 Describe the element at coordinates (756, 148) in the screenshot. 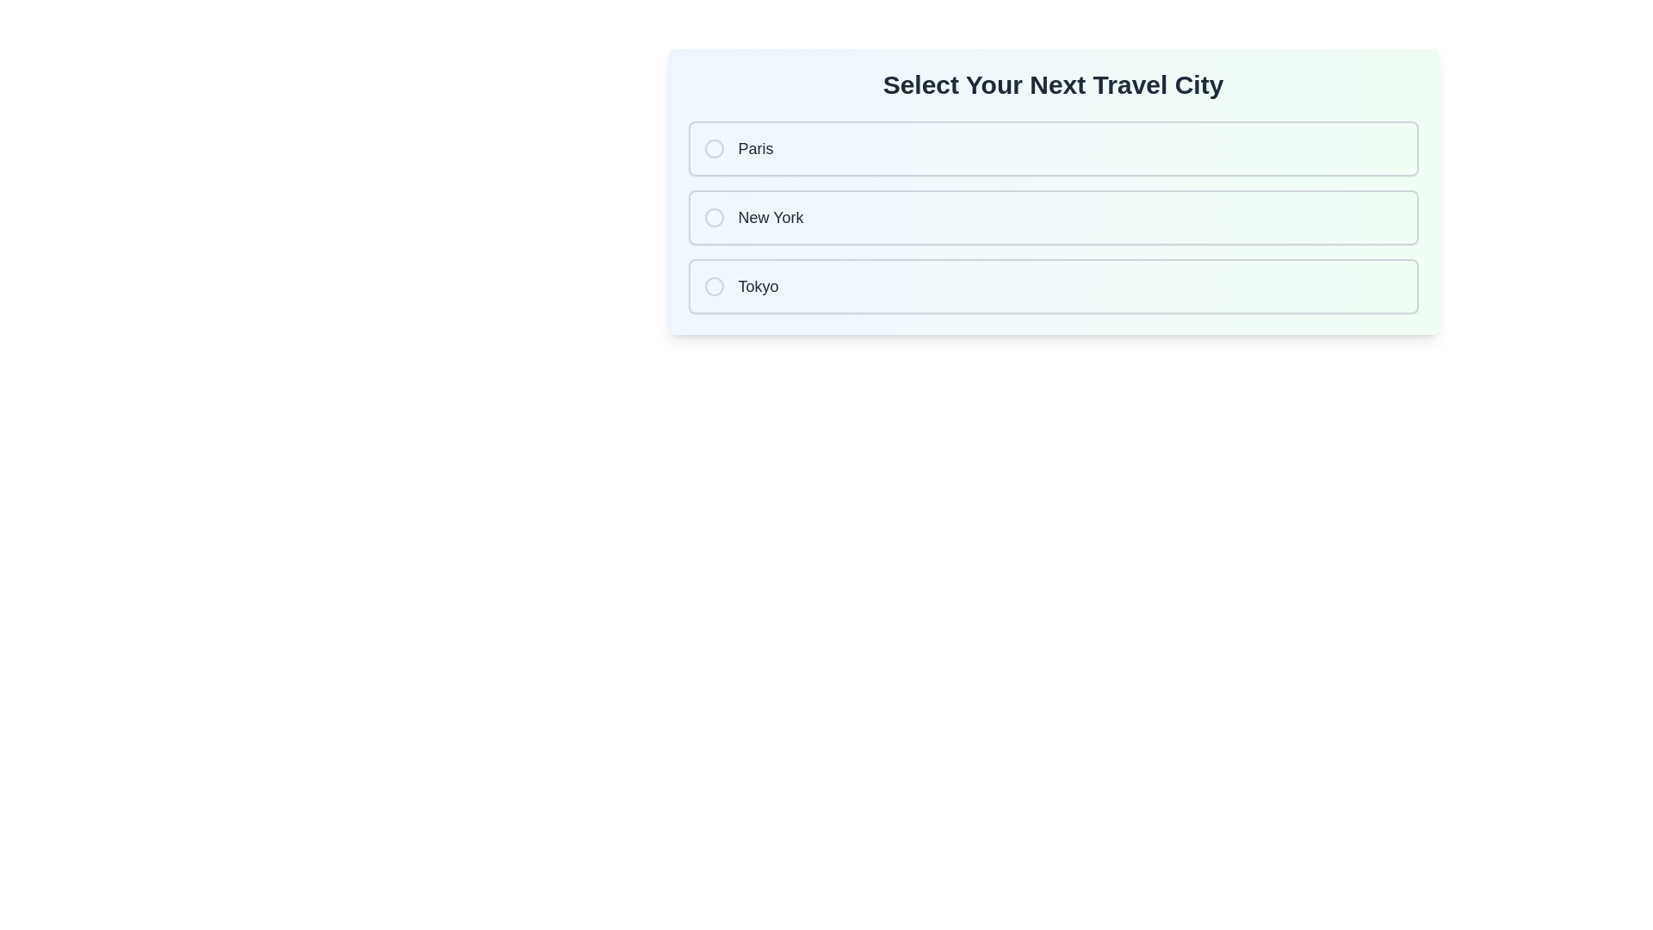

I see `the static text label displaying 'Paris' which is the first selectable option in the radio button list titled 'Select Your Next Travel City'` at that location.